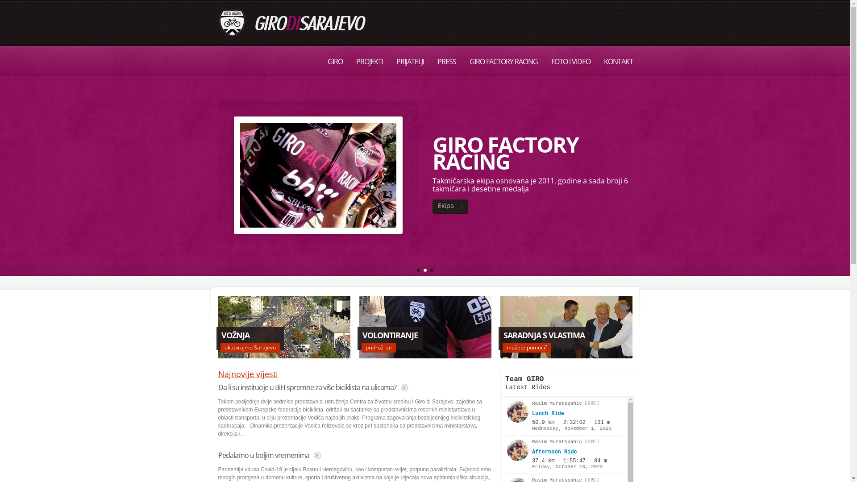 The width and height of the screenshot is (857, 482). Describe the element at coordinates (248, 374) in the screenshot. I see `'Najnovije vijesti'` at that location.